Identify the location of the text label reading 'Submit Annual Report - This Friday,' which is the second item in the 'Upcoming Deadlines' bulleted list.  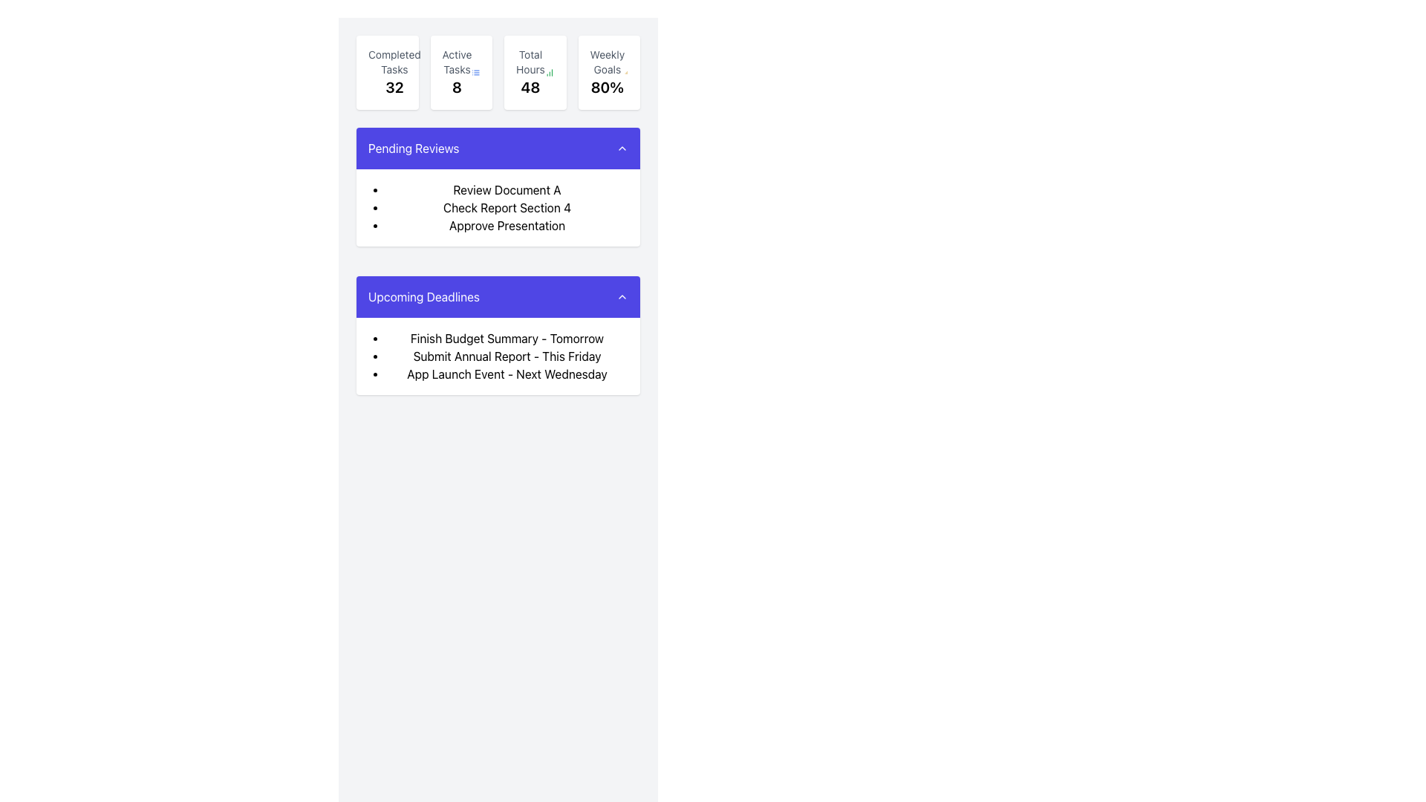
(507, 356).